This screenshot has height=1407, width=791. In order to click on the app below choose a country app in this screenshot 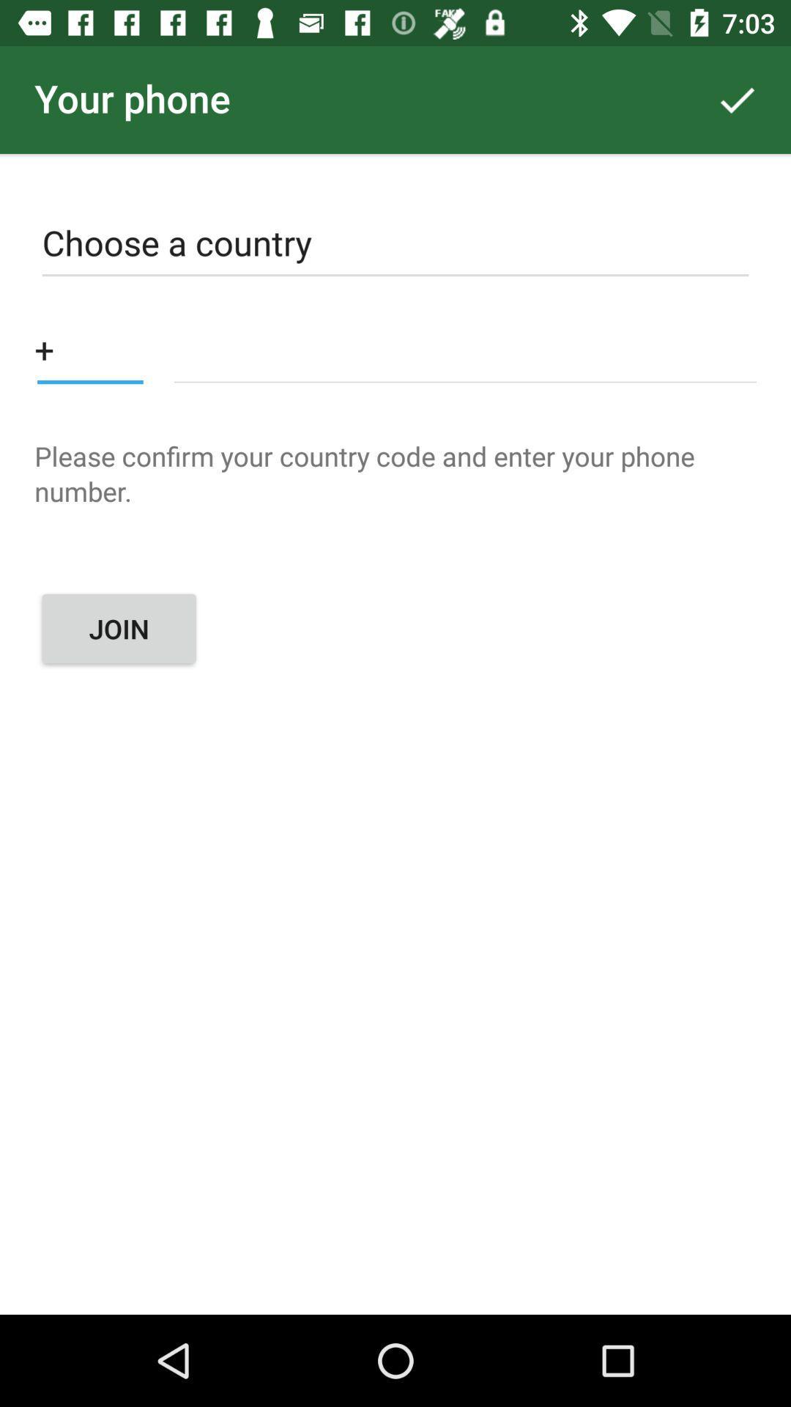, I will do `click(465, 348)`.